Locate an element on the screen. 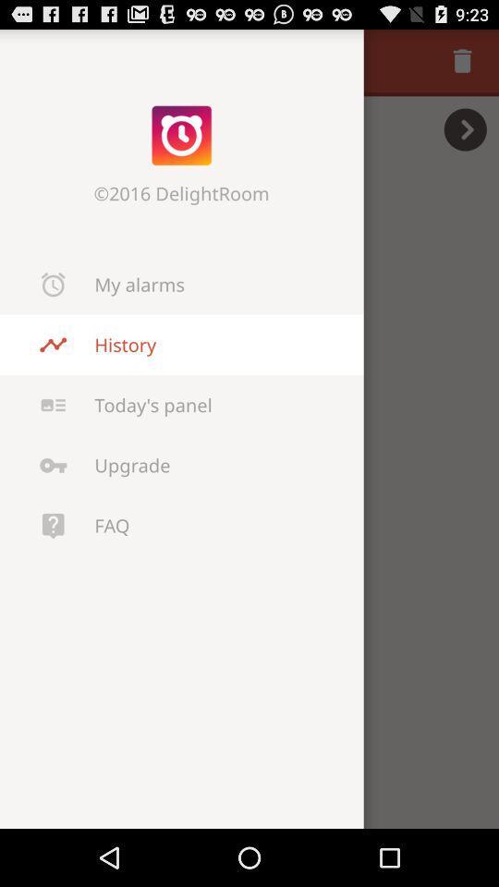  the delete icon is located at coordinates (461, 65).